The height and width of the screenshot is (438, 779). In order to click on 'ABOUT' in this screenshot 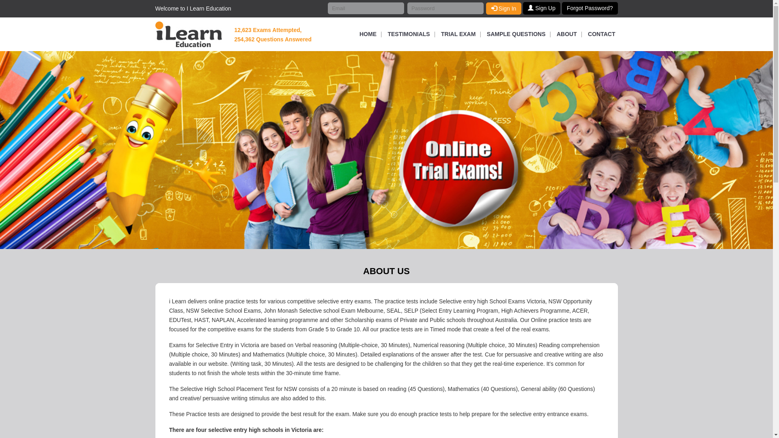, I will do `click(552, 34)`.